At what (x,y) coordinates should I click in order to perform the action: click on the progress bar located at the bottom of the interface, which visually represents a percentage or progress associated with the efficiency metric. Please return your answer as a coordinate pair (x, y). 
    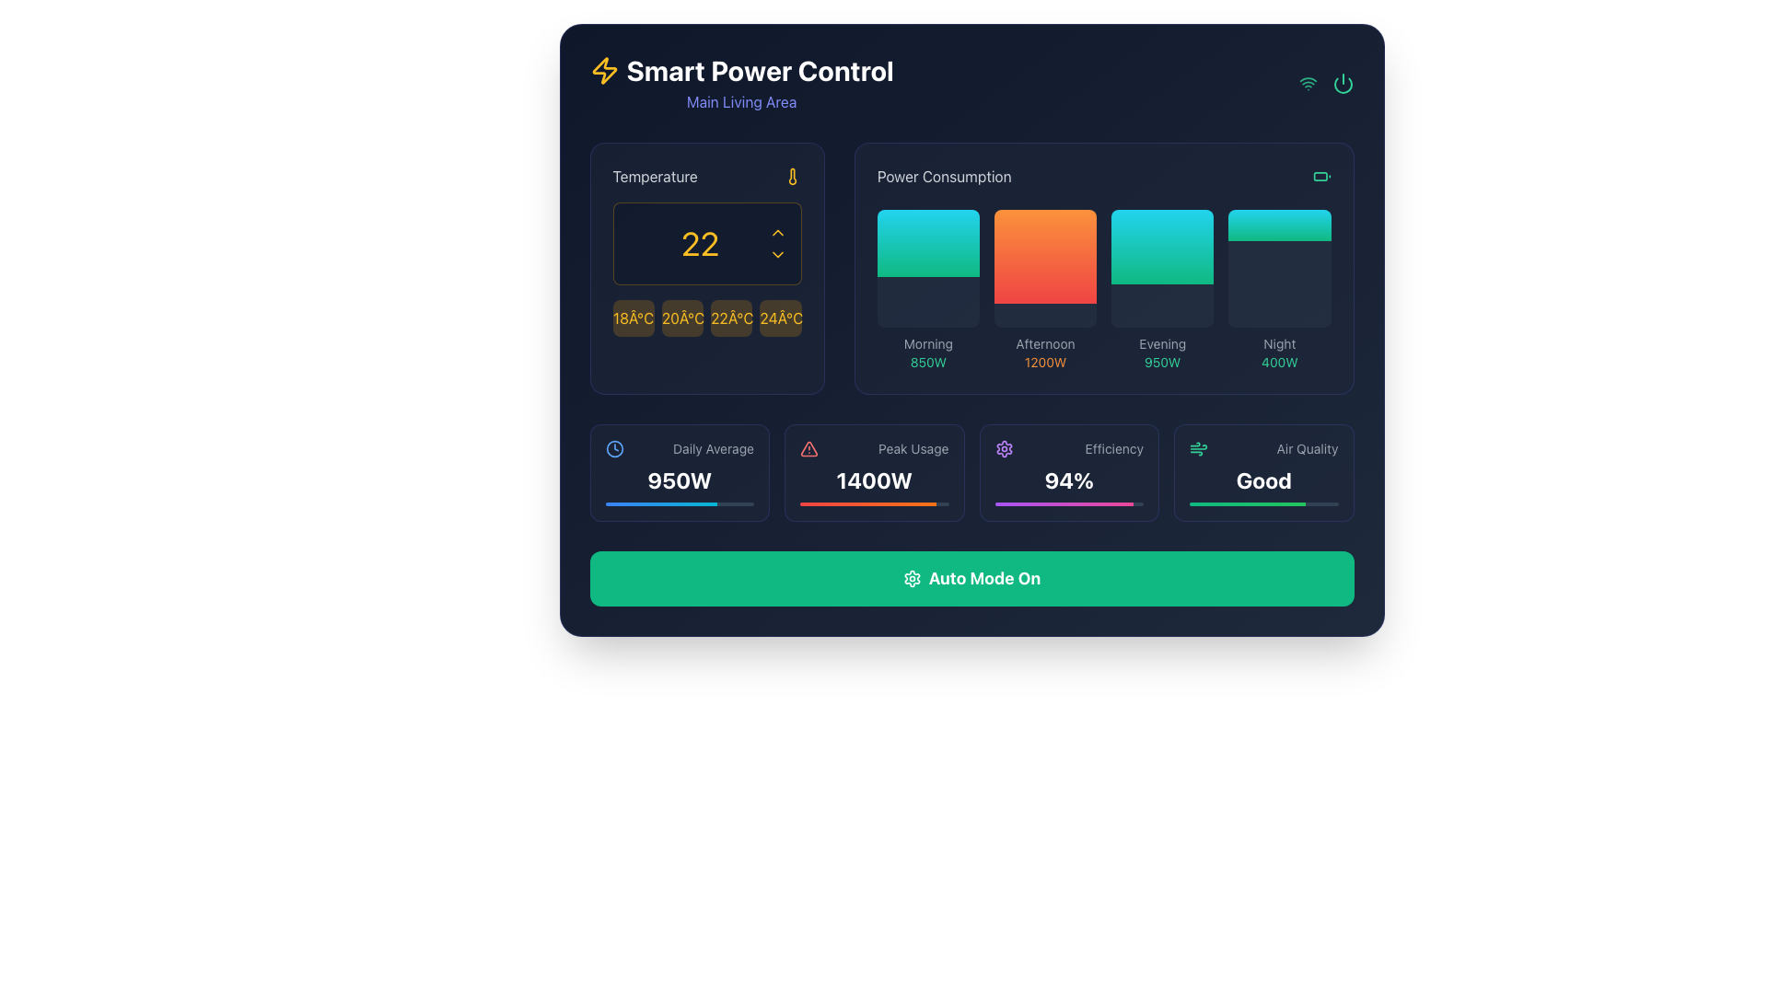
    Looking at the image, I should click on (1247, 503).